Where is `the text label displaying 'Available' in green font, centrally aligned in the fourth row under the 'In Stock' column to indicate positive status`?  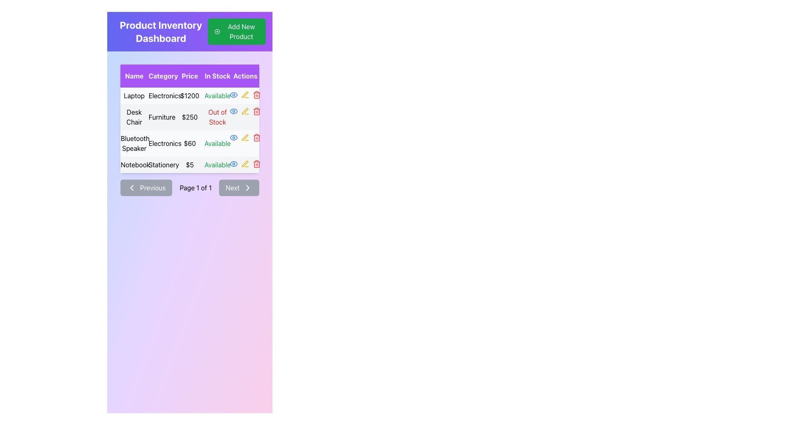 the text label displaying 'Available' in green font, centrally aligned in the fourth row under the 'In Stock' column to indicate positive status is located at coordinates (217, 165).